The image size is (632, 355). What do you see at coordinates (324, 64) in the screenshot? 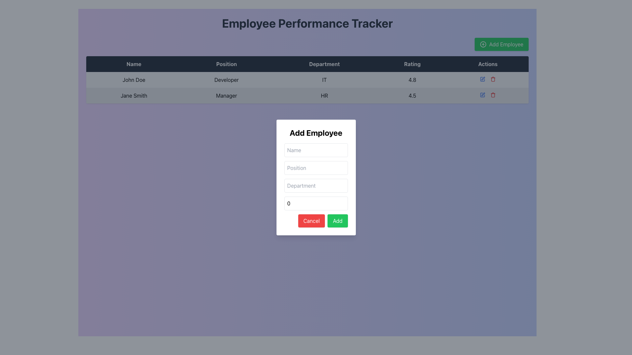
I see `label 'Department' from the Table Header Cell located in the third column of the header row, which is positioned between 'Position' and 'Rating'` at bounding box center [324, 64].